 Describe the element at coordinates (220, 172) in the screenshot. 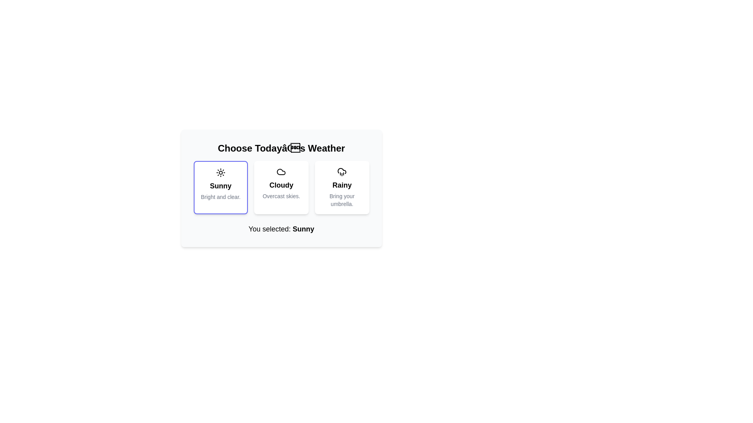

I see `the sun icon, which is a circular shape with rays, located at the top of the 'Sunny' weather option card, centered above the labels 'Sunny' and 'Bright and clear'` at that location.